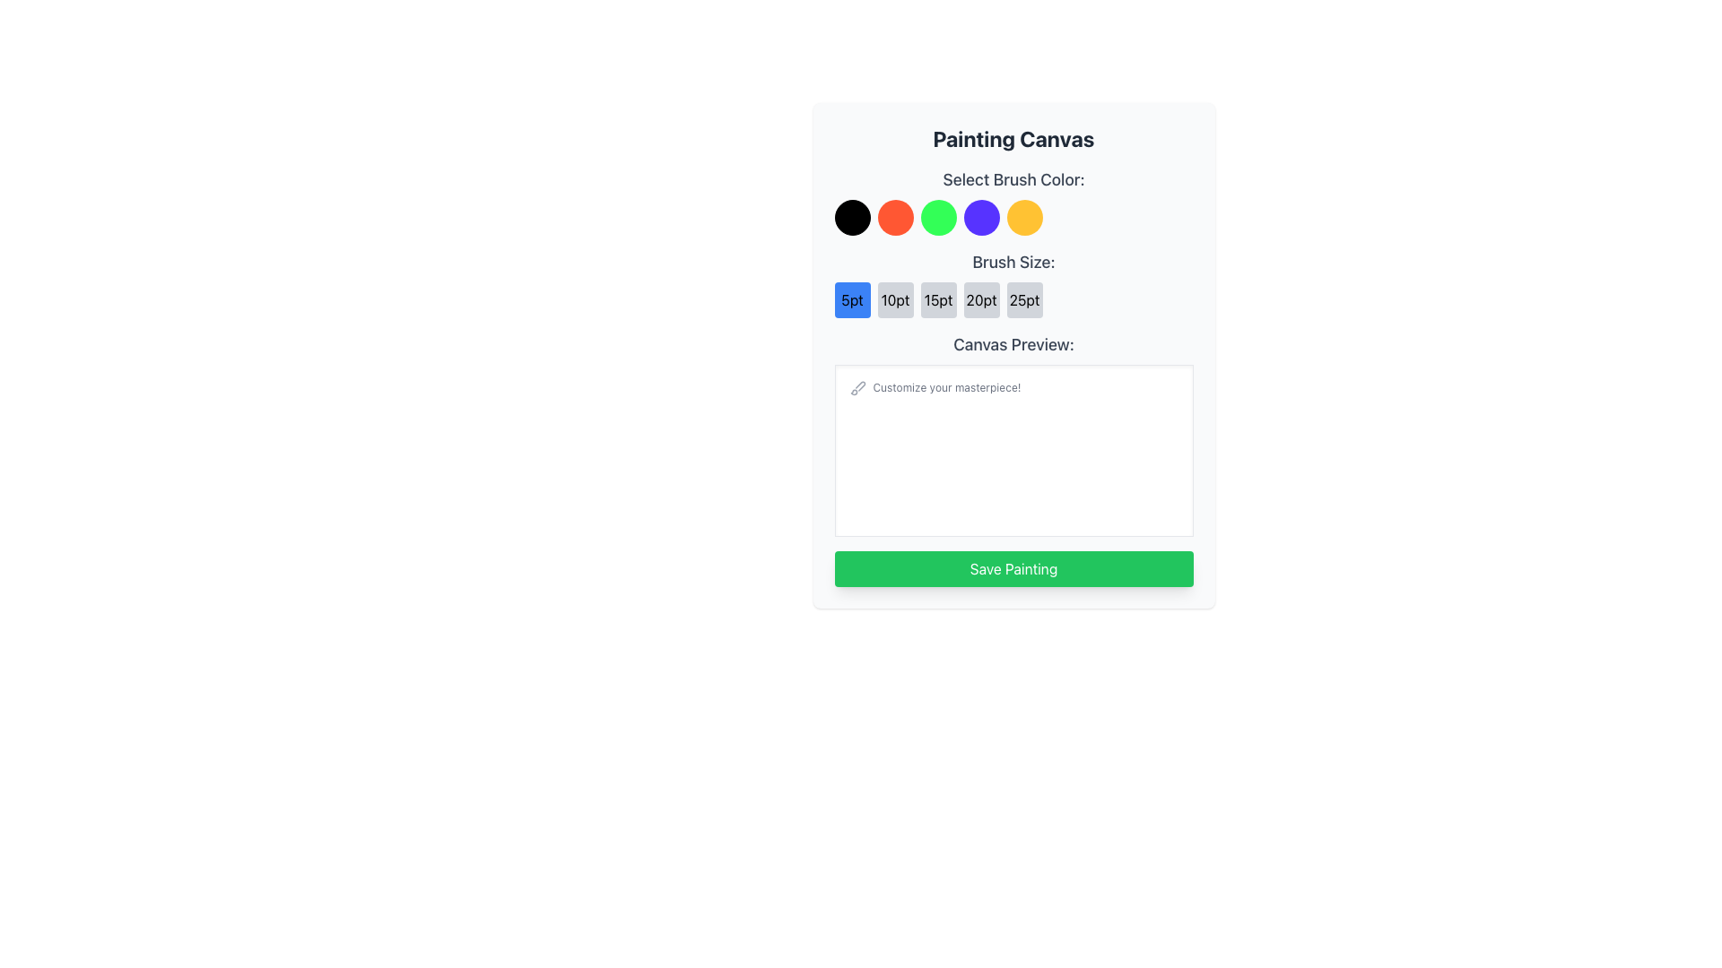 This screenshot has height=968, width=1722. What do you see at coordinates (1013, 263) in the screenshot?
I see `the text label displaying 'Brush Size:' which is prominently shown in dark gray in the upper-middle section of the interface` at bounding box center [1013, 263].